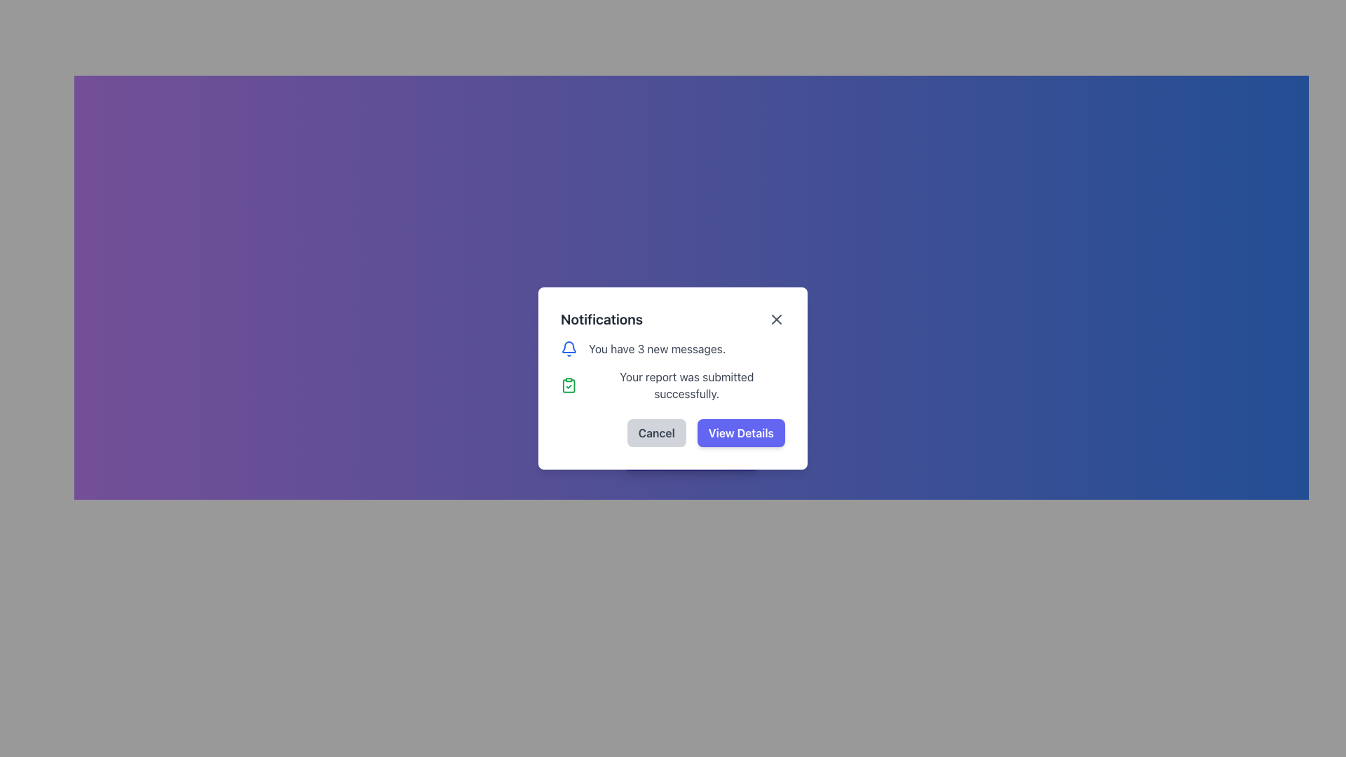 Image resolution: width=1346 pixels, height=757 pixels. Describe the element at coordinates (673, 386) in the screenshot. I see `the notification by clicking on the message that reads 'Your report was submitted successfully.' in the notification popup` at that location.